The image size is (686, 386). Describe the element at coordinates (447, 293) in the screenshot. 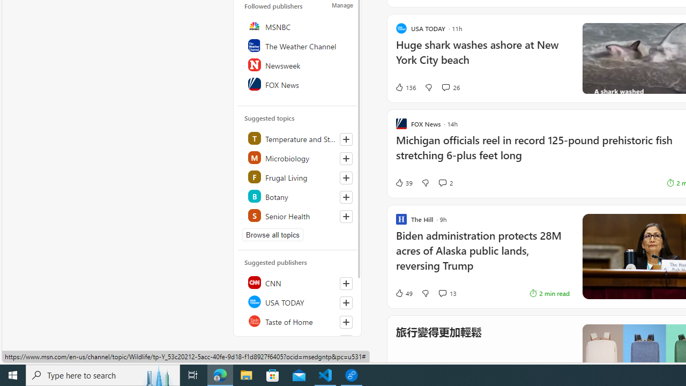

I see `'View comments 13 Comment'` at that location.